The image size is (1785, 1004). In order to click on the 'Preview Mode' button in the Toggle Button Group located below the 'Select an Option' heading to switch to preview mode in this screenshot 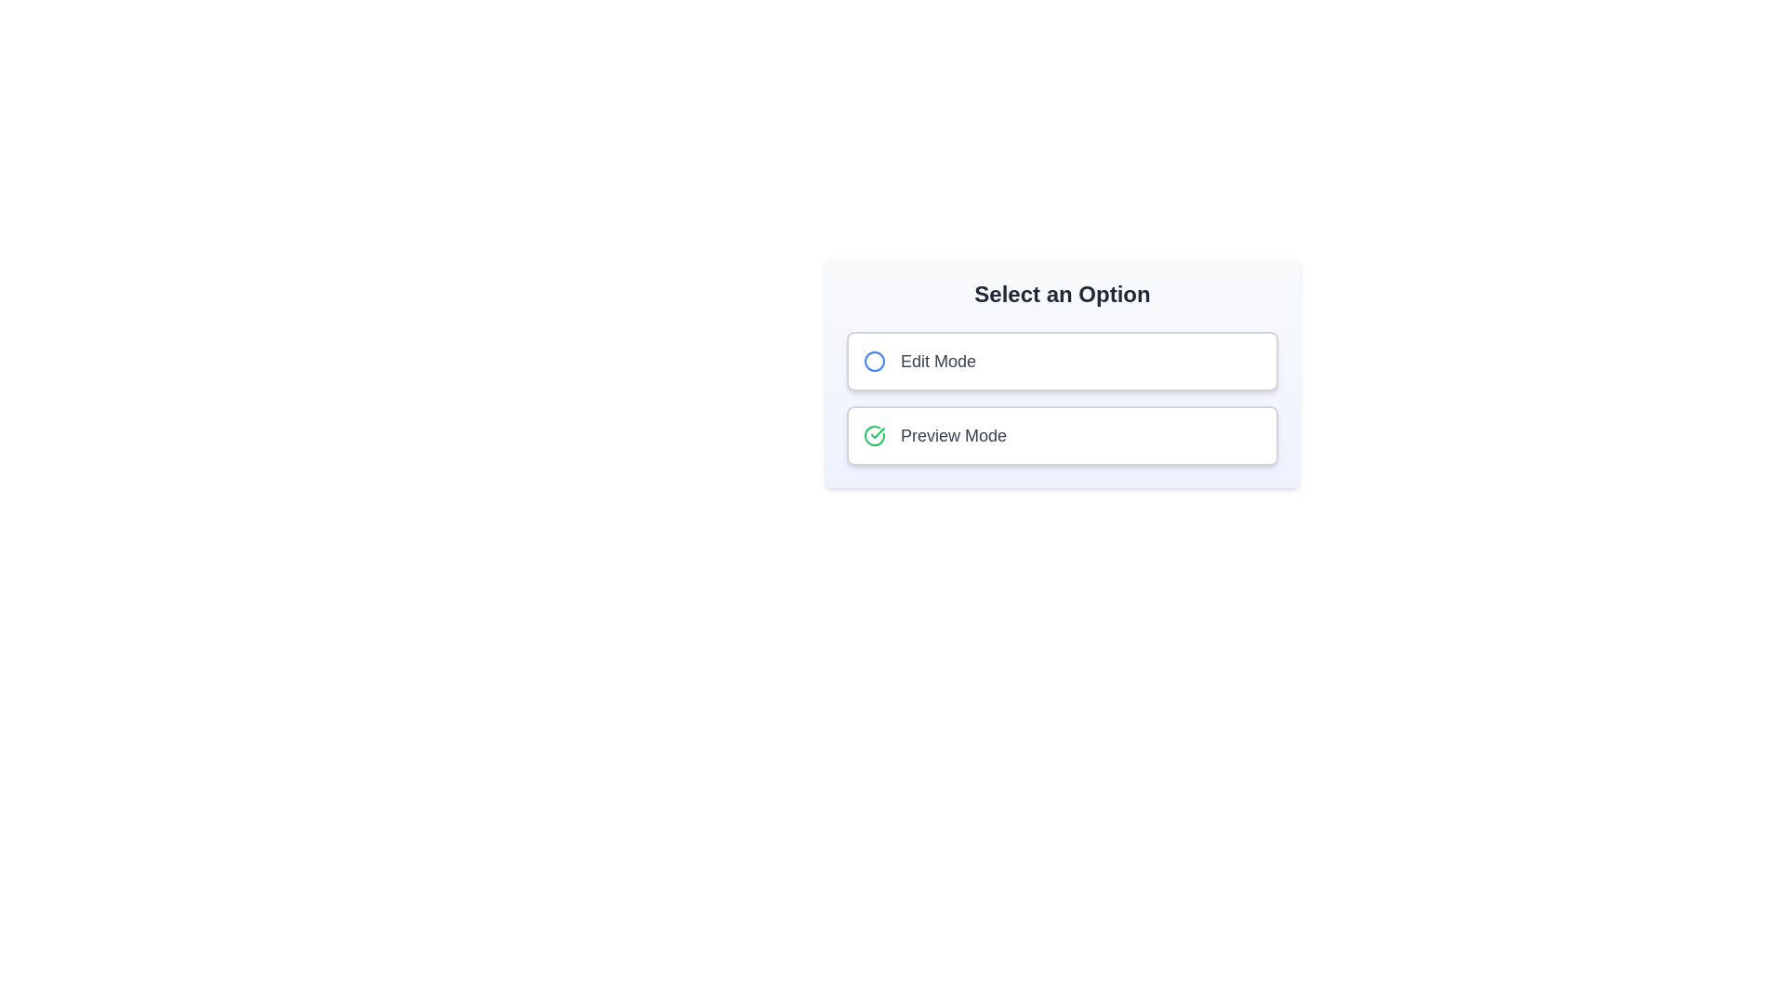, I will do `click(1062, 397)`.